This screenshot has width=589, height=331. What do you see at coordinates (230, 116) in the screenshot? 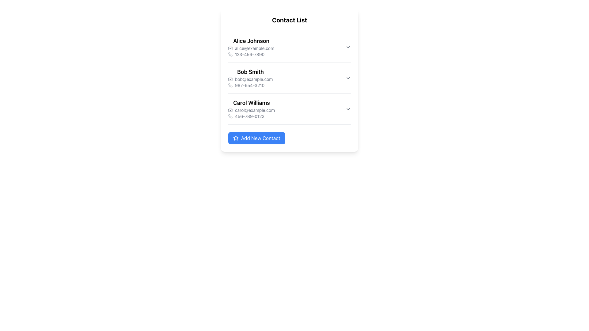
I see `the phone number icon located to the left of the phone number for 'Carol Williams' in the contact list` at bounding box center [230, 116].